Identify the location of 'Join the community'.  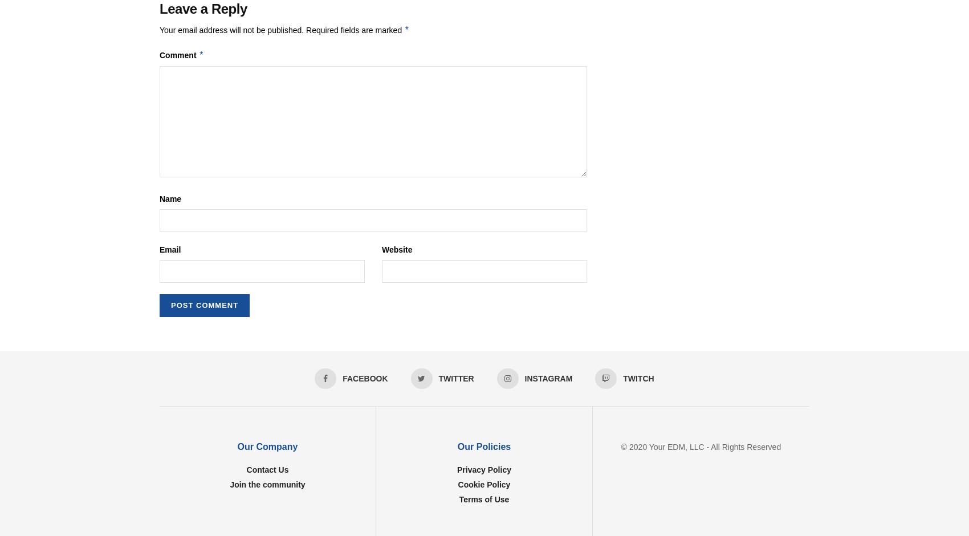
(267, 484).